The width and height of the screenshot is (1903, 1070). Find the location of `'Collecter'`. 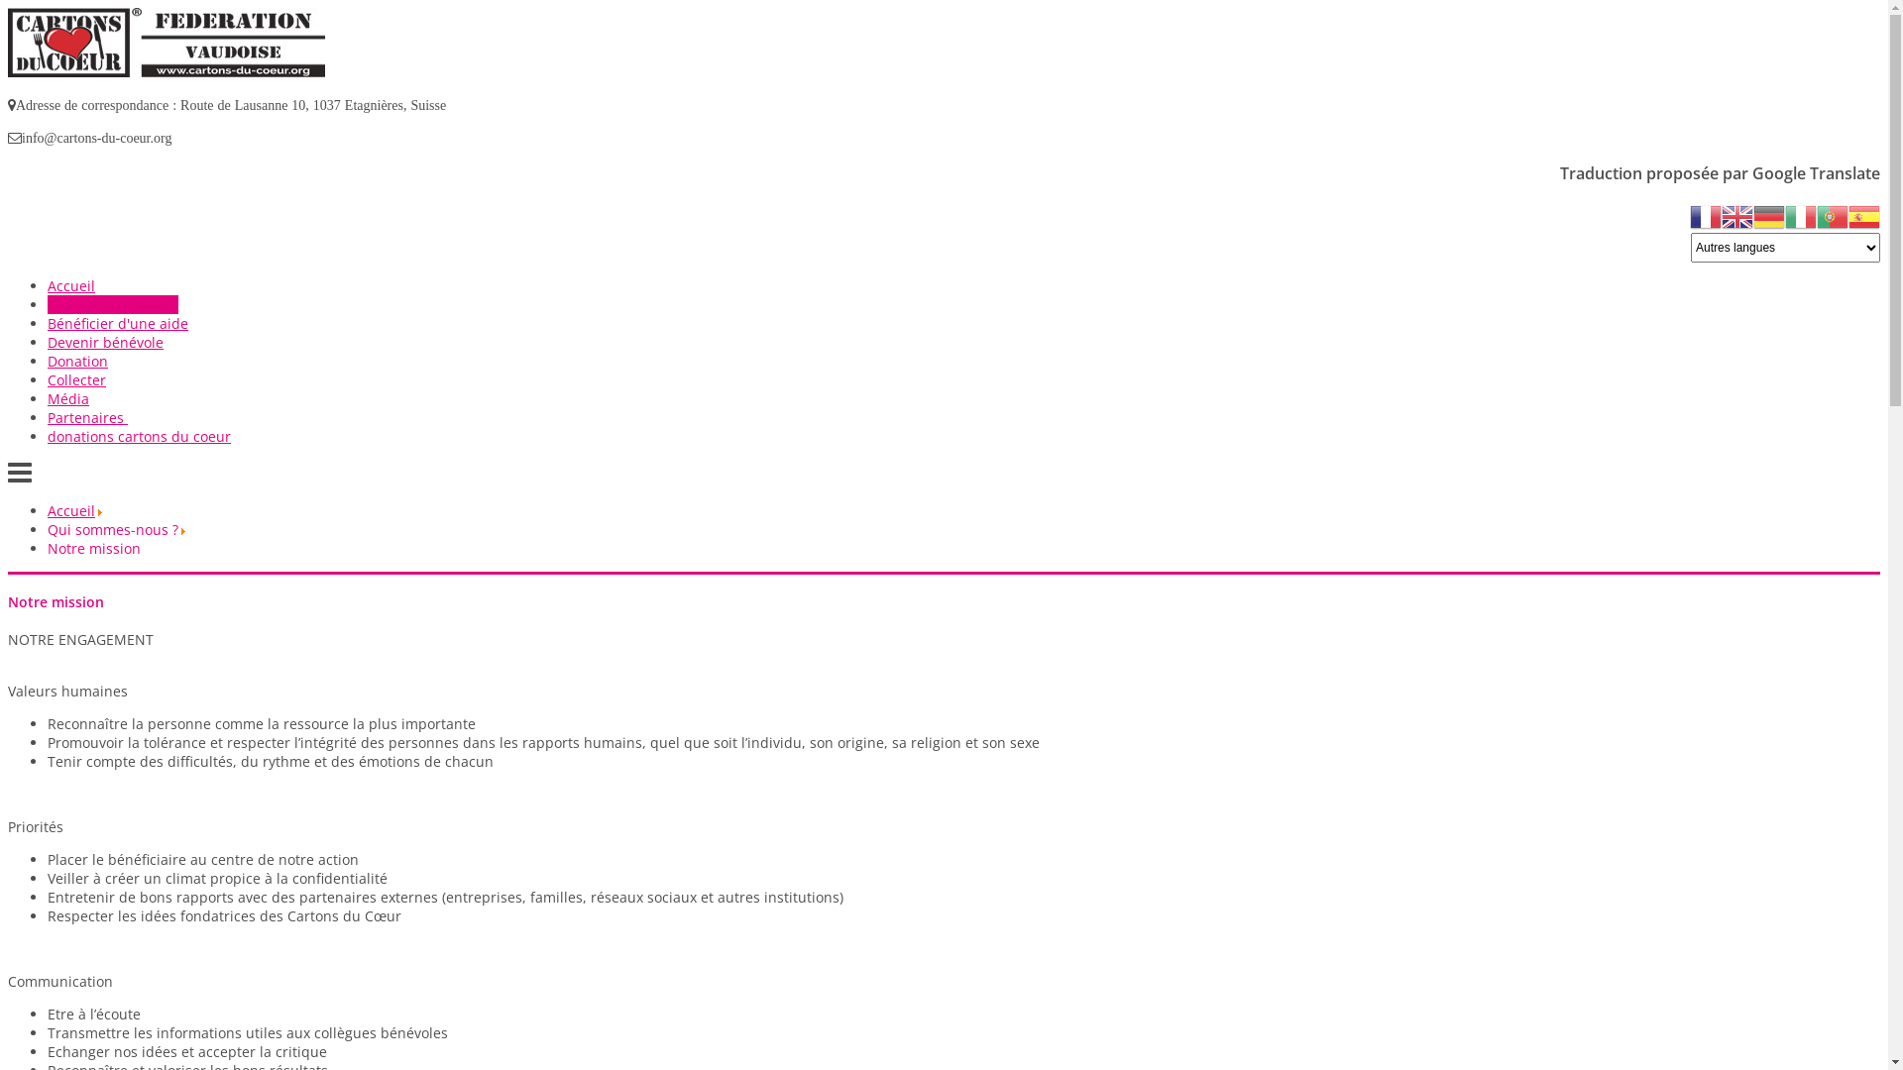

'Collecter' is located at coordinates (48, 379).